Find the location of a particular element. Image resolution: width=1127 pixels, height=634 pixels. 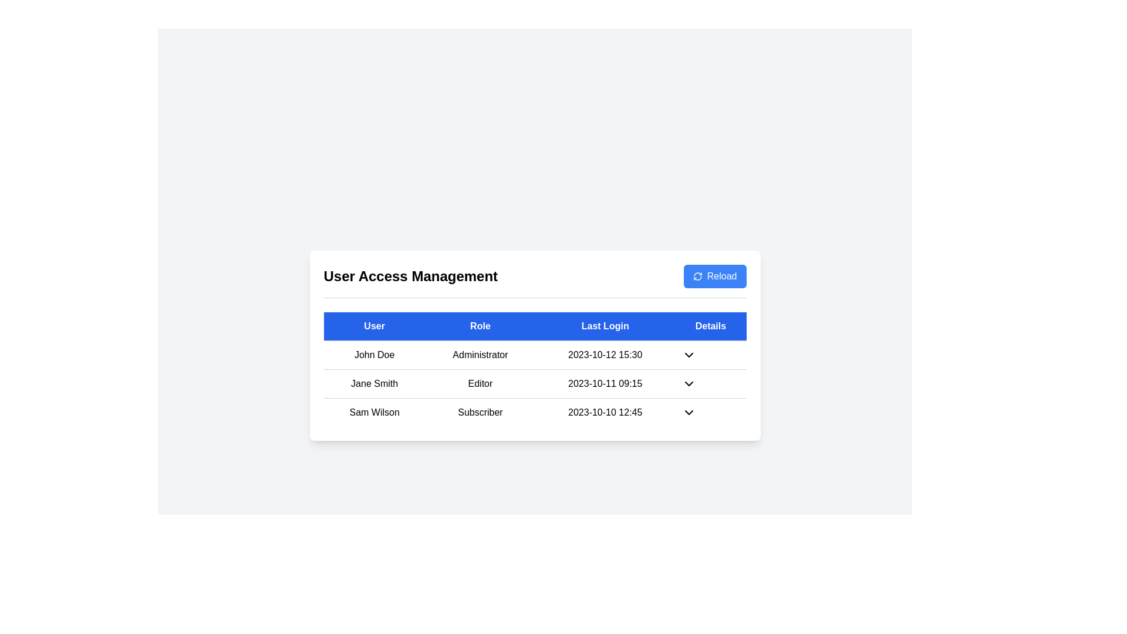

the last login timestamp text element for the user 'Sam Wilson' in the 'Last Login' column of the data table is located at coordinates (605, 412).